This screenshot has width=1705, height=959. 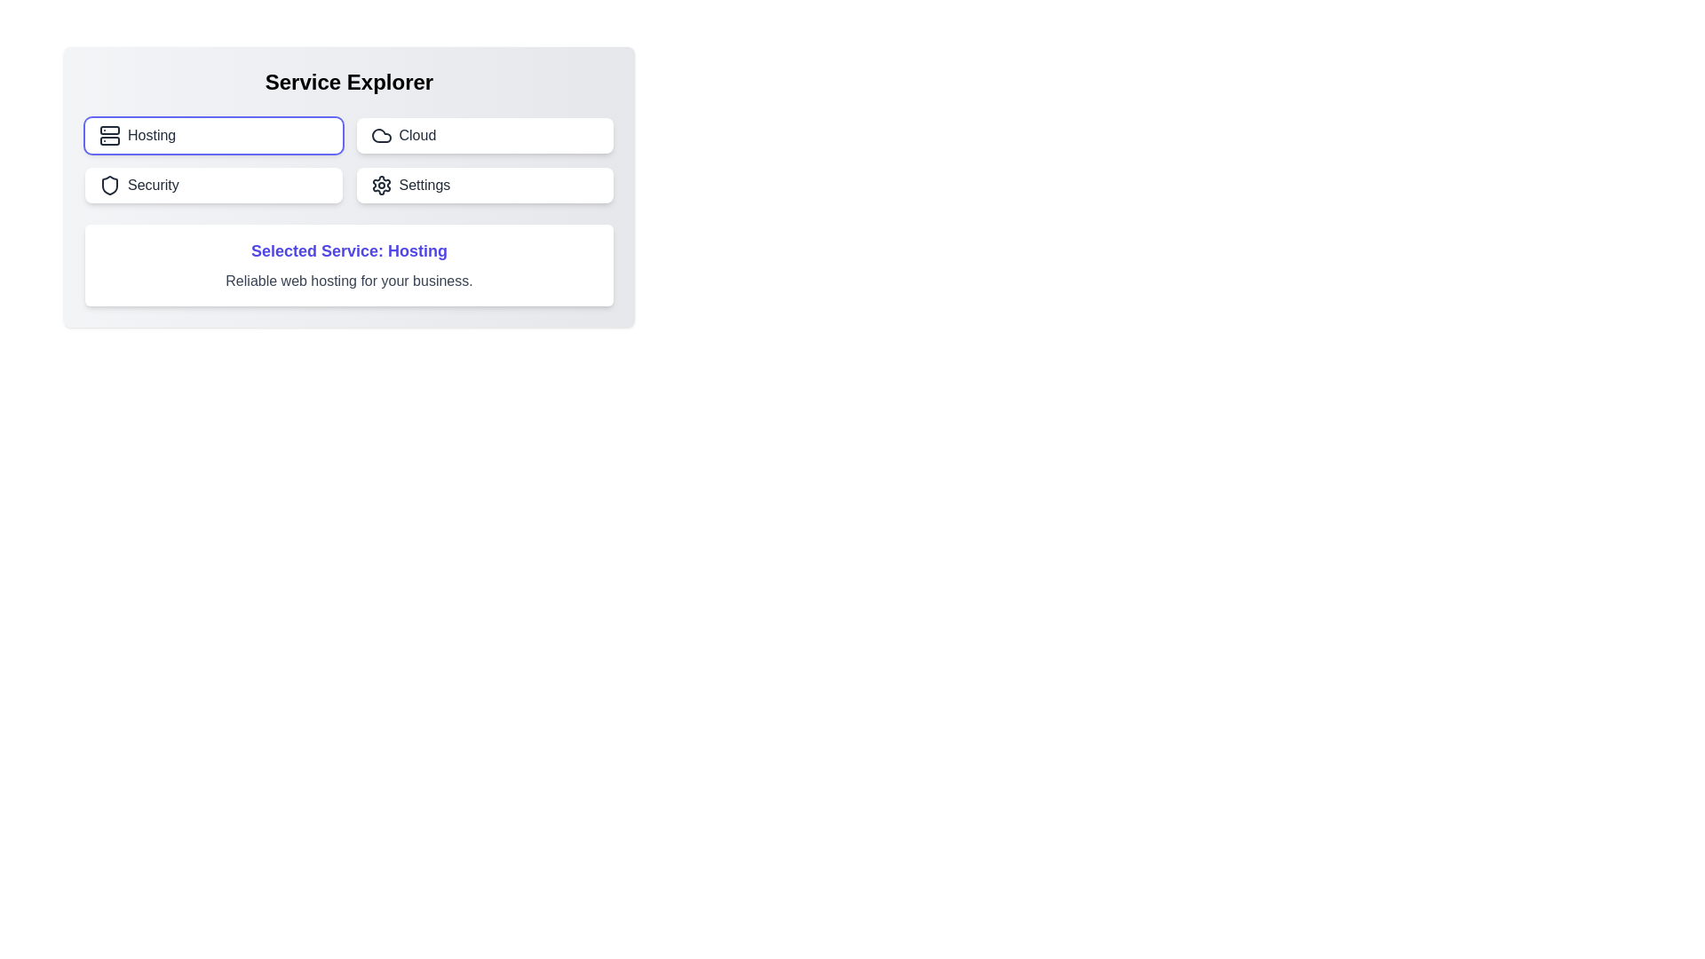 I want to click on the 'Security' text label, which is part of a button-like item with a shield icon to its left, located in the second row of buttons on the 'Service Explorer' interface, so click(x=153, y=185).